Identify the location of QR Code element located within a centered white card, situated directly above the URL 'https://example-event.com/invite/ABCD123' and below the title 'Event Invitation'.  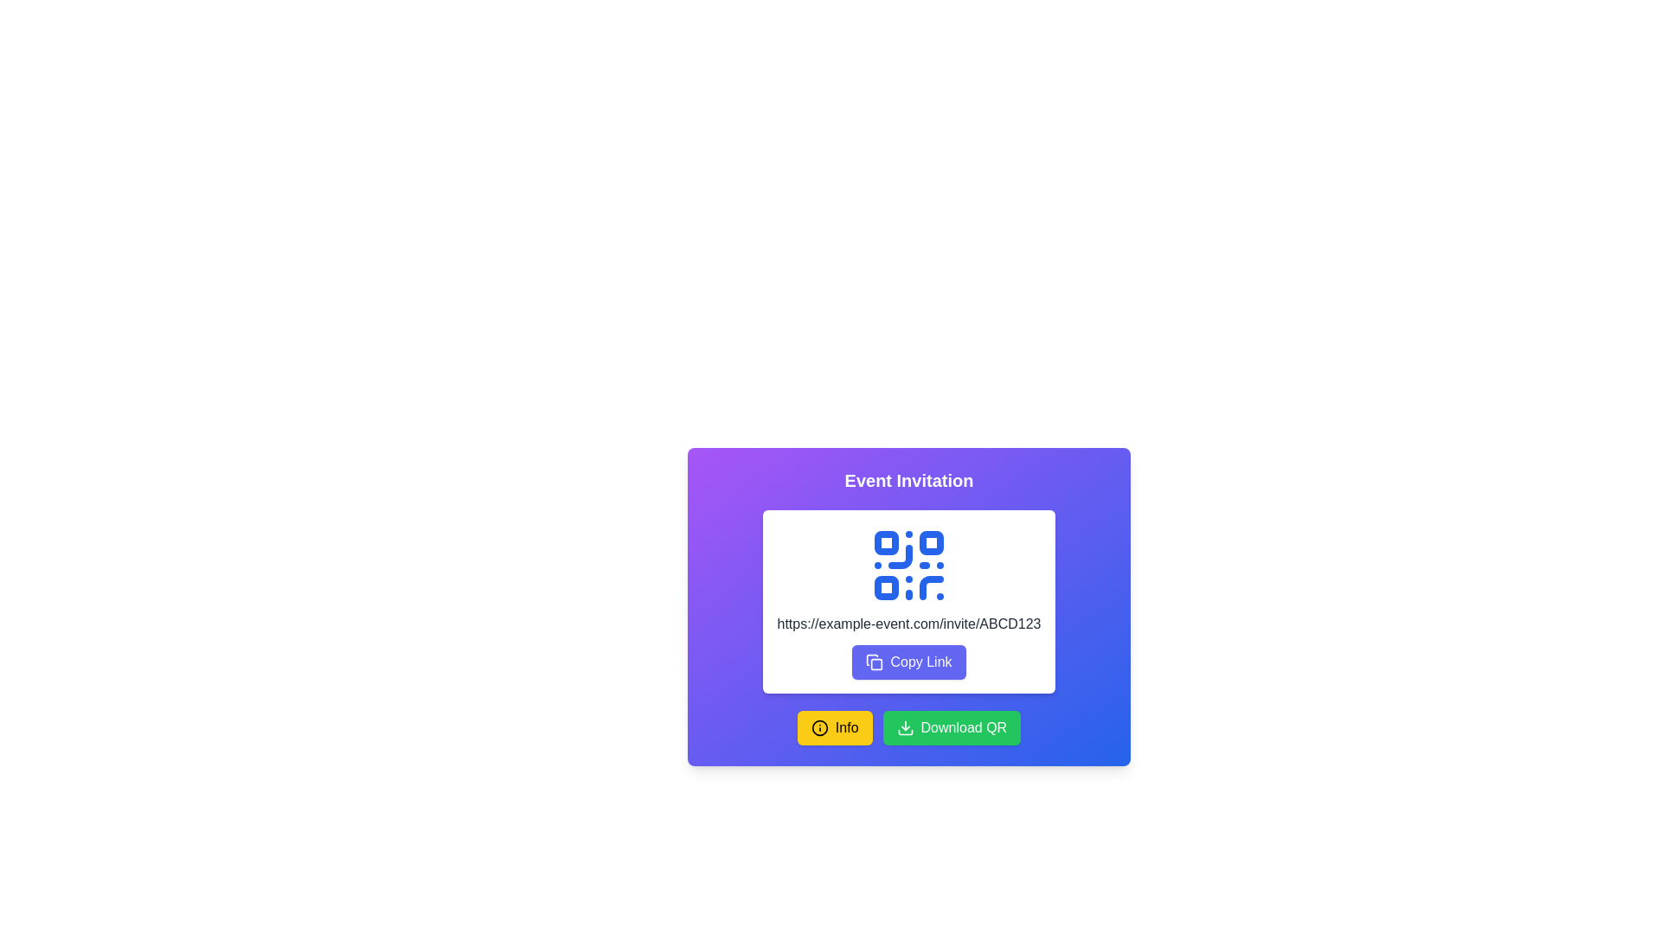
(908, 606).